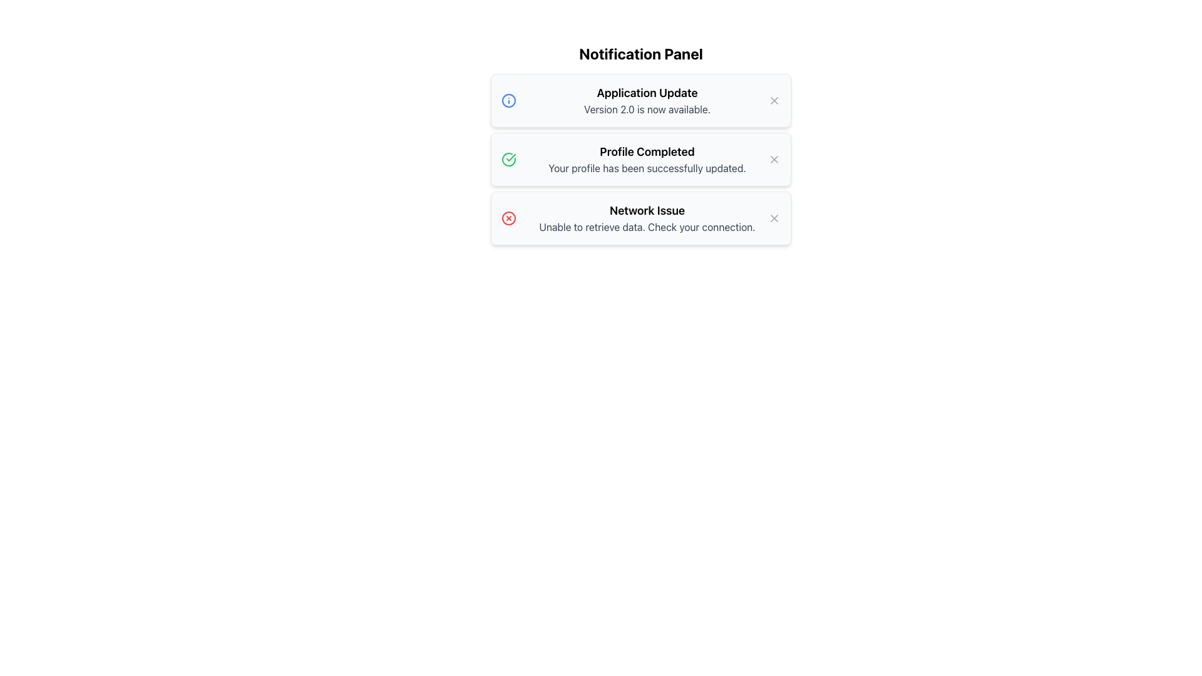  What do you see at coordinates (647, 210) in the screenshot?
I see `text of the Text Label located in the third notification box from the top in the notification panel, which provides a title or summary for the related notification` at bounding box center [647, 210].